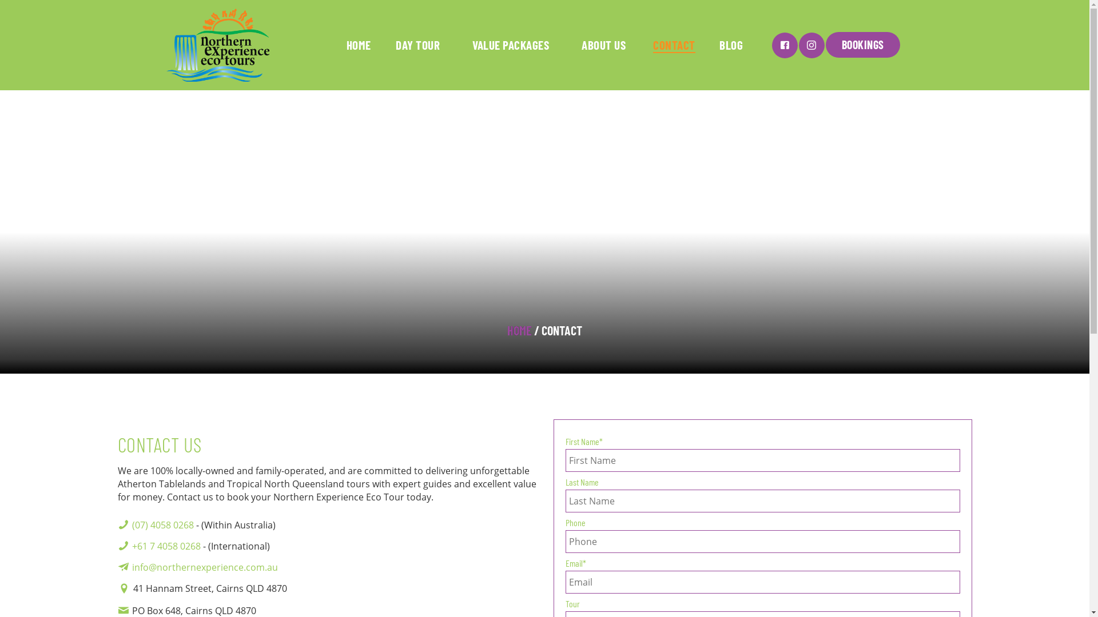 Image resolution: width=1098 pixels, height=617 pixels. What do you see at coordinates (132, 546) in the screenshot?
I see `'+61 7 4058 0268'` at bounding box center [132, 546].